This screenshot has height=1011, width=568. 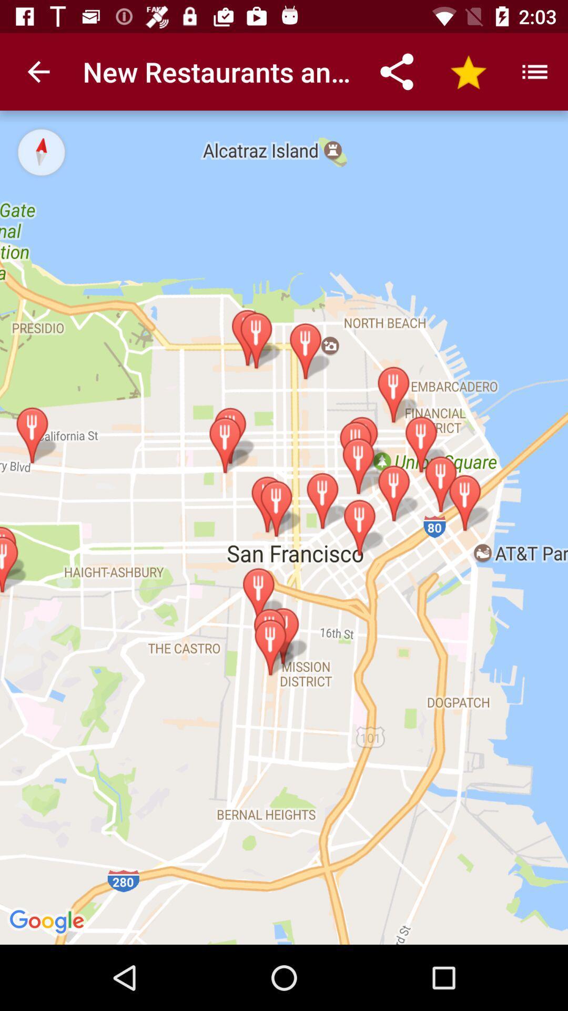 What do you see at coordinates (284, 528) in the screenshot?
I see `the item at the center` at bounding box center [284, 528].